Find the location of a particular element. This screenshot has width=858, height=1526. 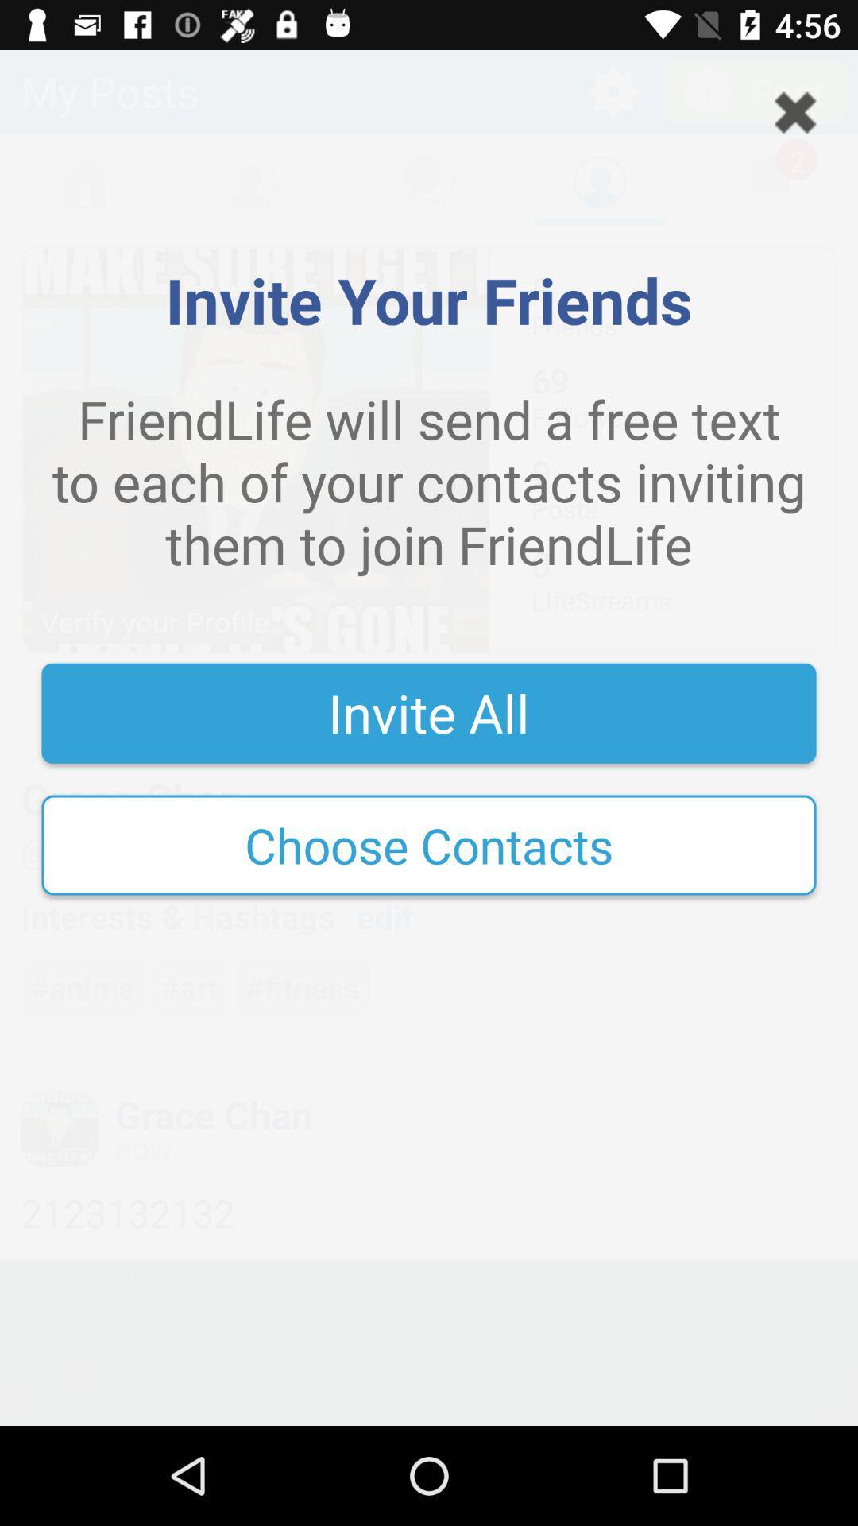

item below the friendlife will send icon is located at coordinates (429, 712).